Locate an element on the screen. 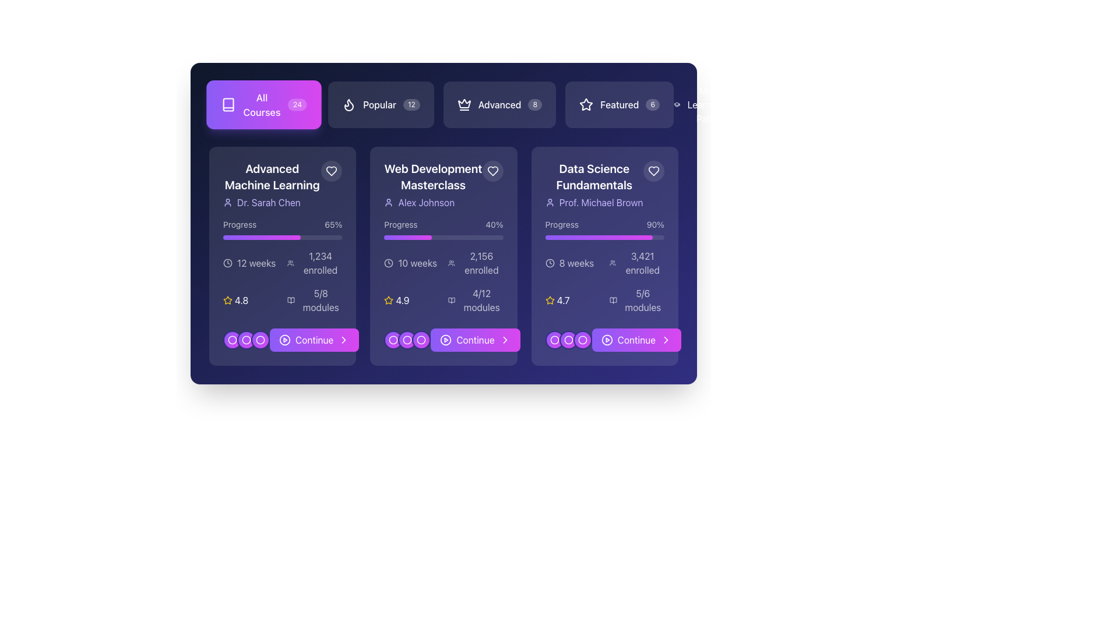 This screenshot has height=629, width=1119. the rating value displayed as '4.9' in white font, located in the second card of the rating section, near the yellow star icon is located at coordinates (402, 300).